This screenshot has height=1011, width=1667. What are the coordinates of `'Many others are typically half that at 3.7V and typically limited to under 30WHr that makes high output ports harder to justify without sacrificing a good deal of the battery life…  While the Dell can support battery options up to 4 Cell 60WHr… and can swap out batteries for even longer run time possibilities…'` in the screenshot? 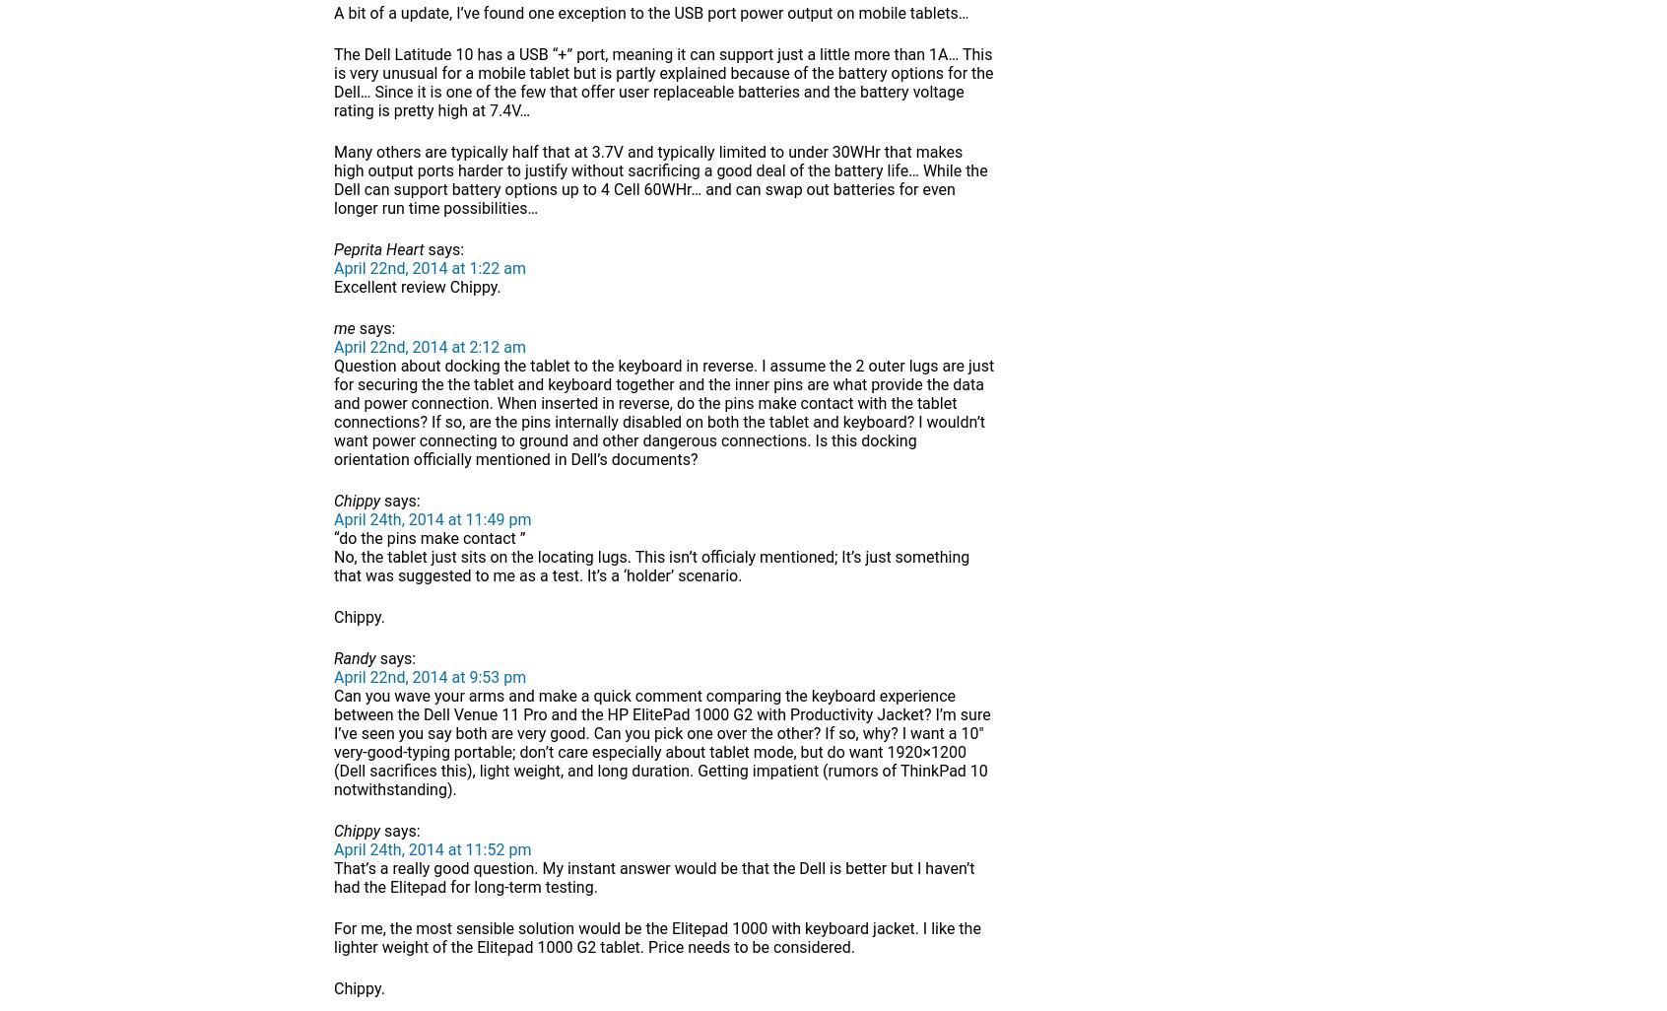 It's located at (660, 179).